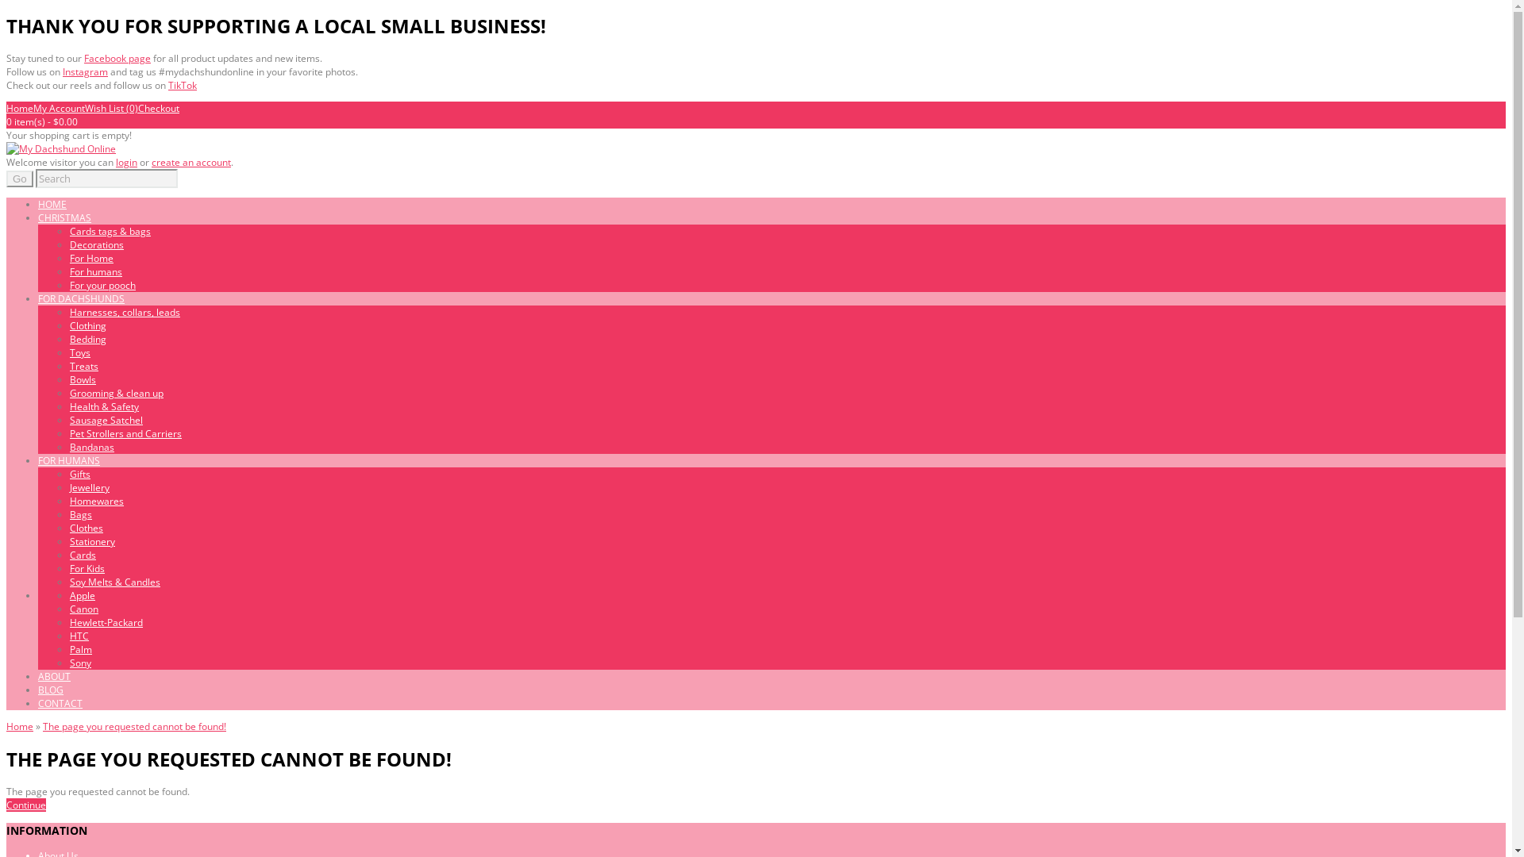  Describe the element at coordinates (124, 312) in the screenshot. I see `'Harnesses, collars, leads'` at that location.